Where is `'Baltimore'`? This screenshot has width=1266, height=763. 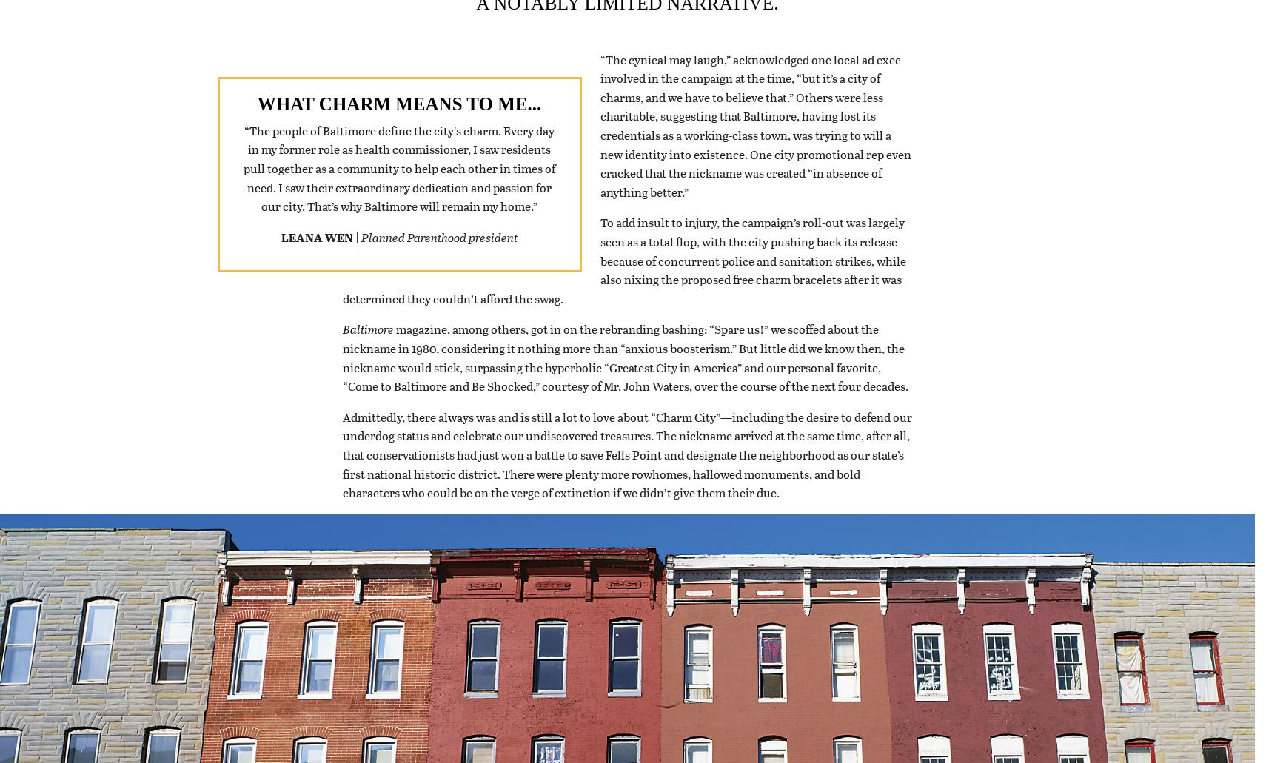 'Baltimore' is located at coordinates (367, 348).